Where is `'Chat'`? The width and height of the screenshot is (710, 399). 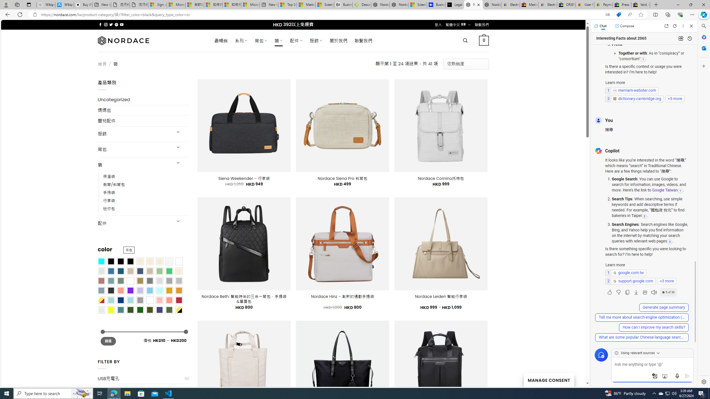
'Chat' is located at coordinates (600, 25).